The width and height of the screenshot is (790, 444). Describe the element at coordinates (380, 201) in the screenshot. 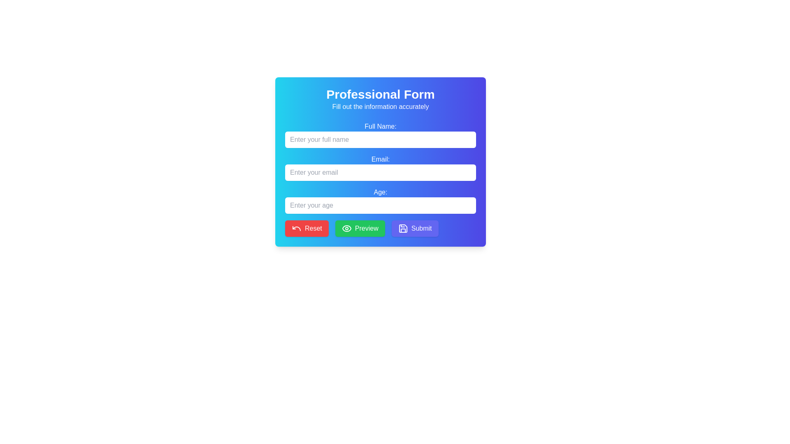

I see `the labeled text input field for numerical input with the label 'Age:'` at that location.